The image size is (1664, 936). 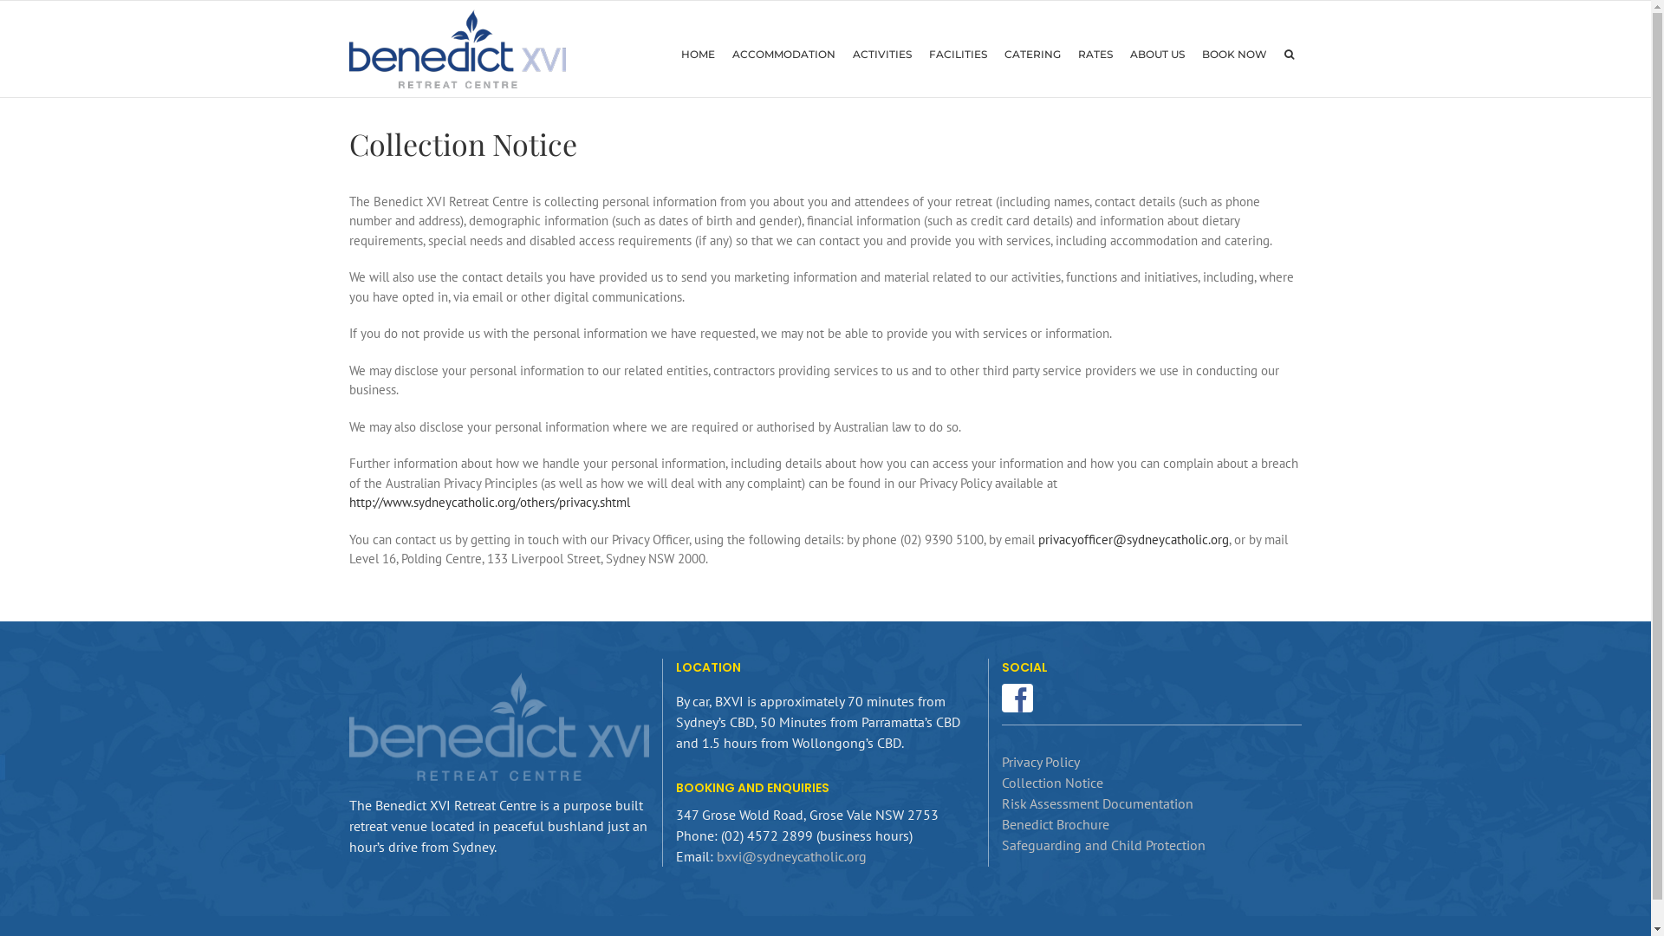 What do you see at coordinates (881, 53) in the screenshot?
I see `'ACTIVITIES'` at bounding box center [881, 53].